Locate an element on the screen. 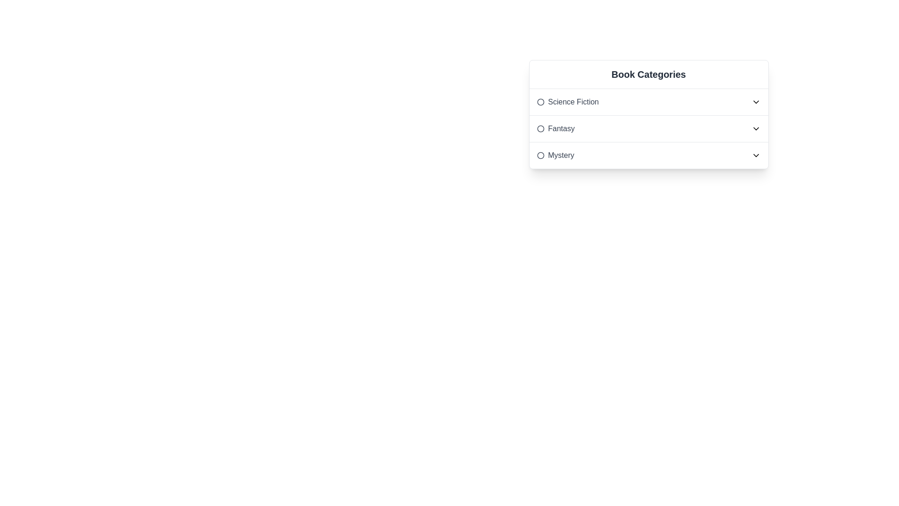  the third circular marker in the vertical list of selectable categories, located next to the text 'Mystery' is located at coordinates (540, 155).